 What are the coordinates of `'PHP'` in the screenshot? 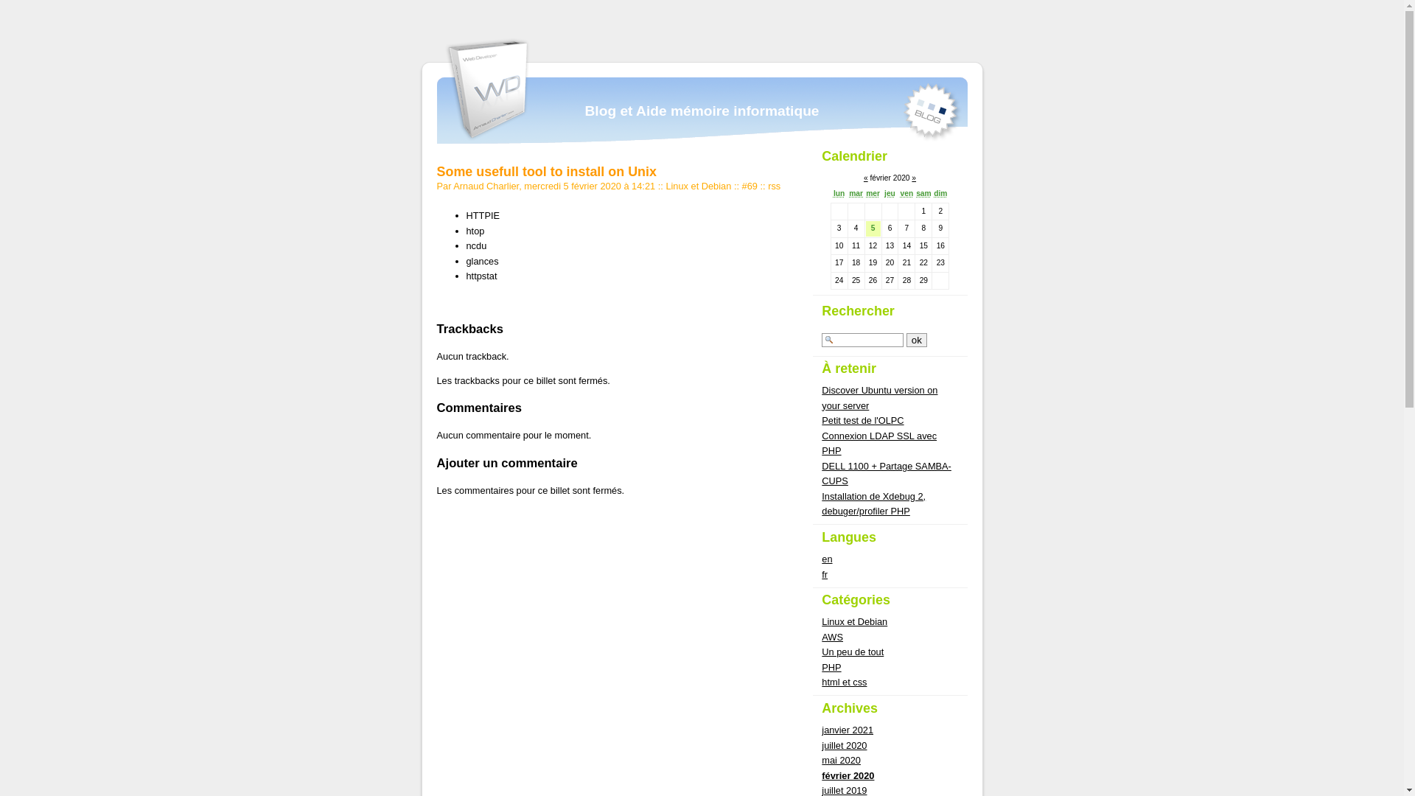 It's located at (820, 667).